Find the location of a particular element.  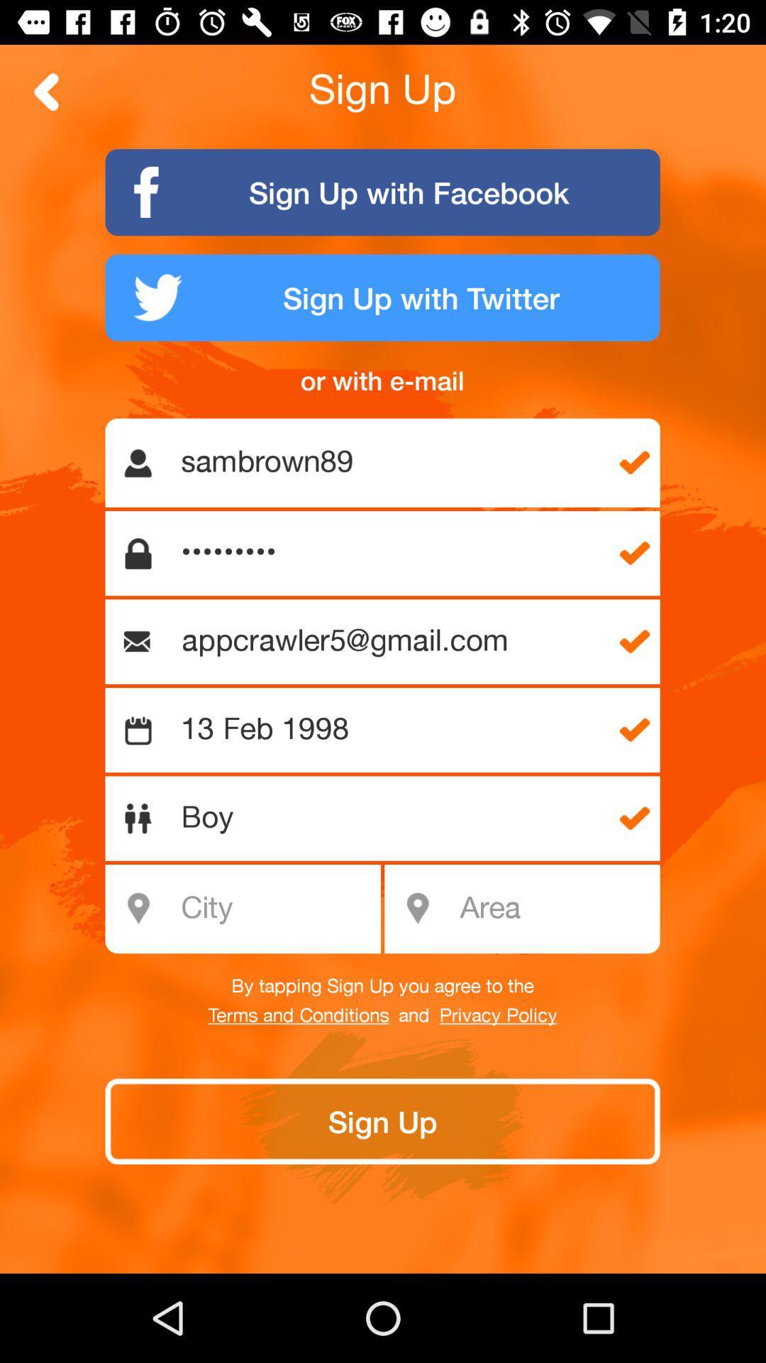

city is located at coordinates (250, 909).